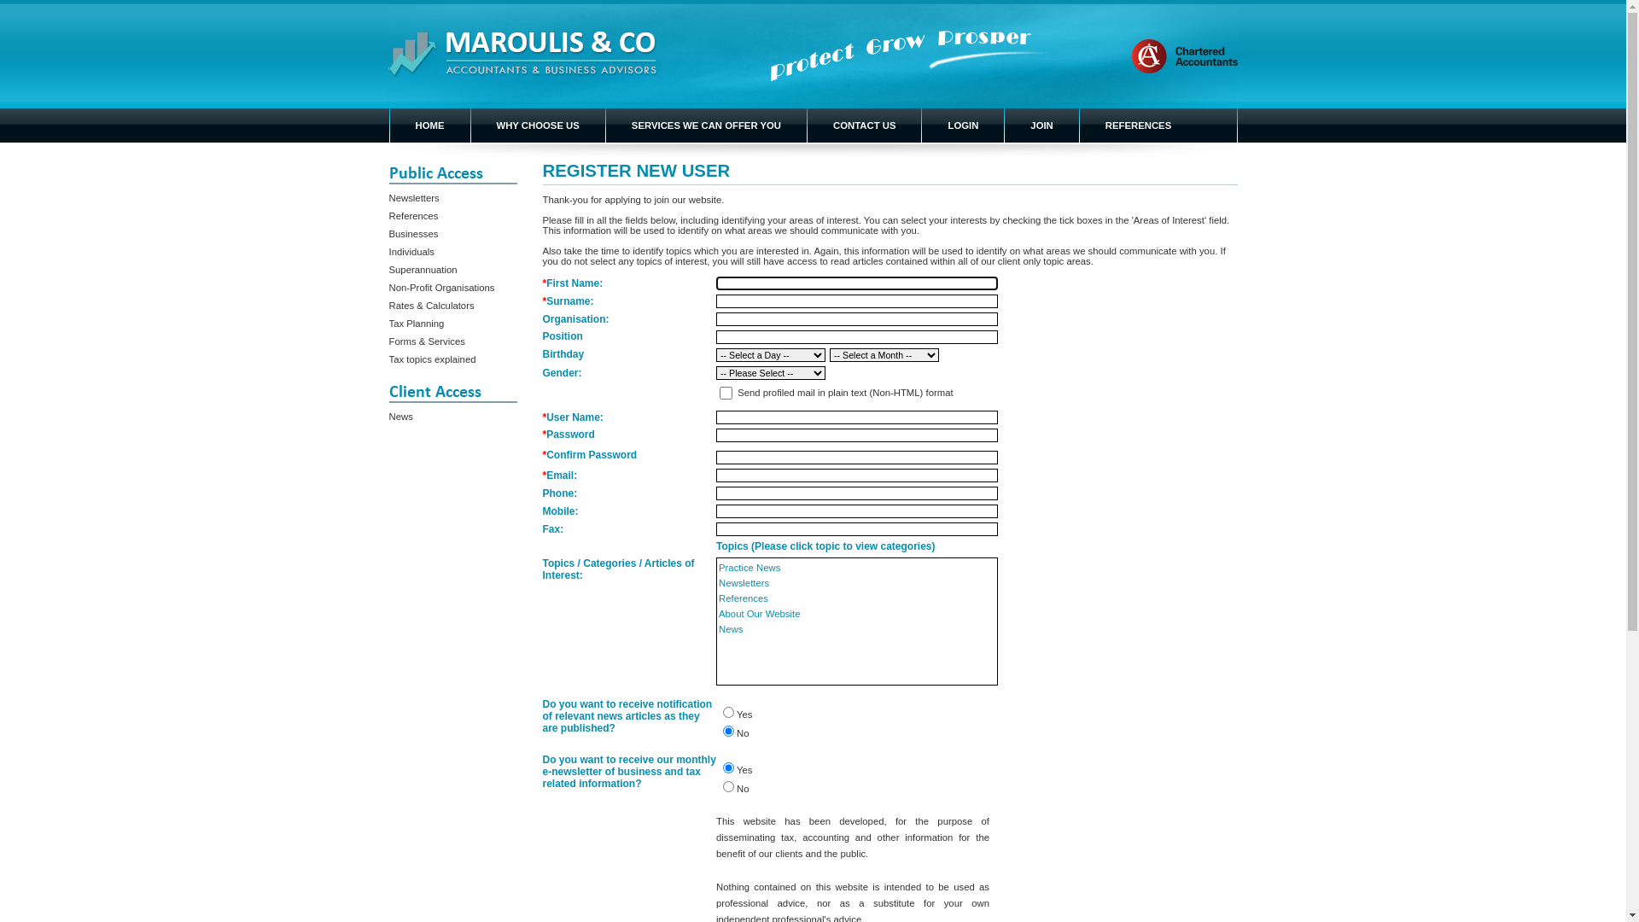  I want to click on 'About Our Website', so click(718, 612).